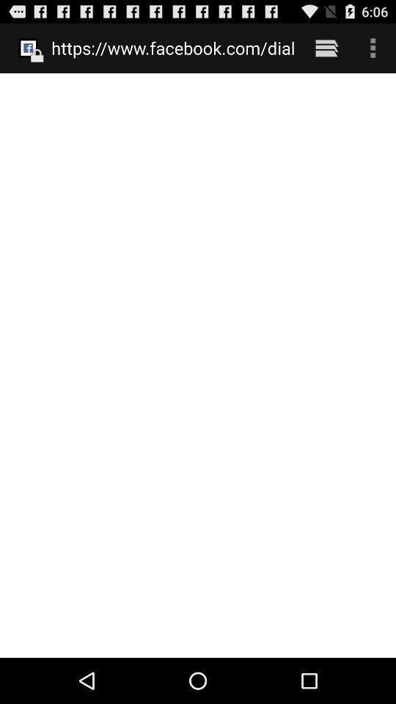  Describe the element at coordinates (198, 364) in the screenshot. I see `the item at the center` at that location.